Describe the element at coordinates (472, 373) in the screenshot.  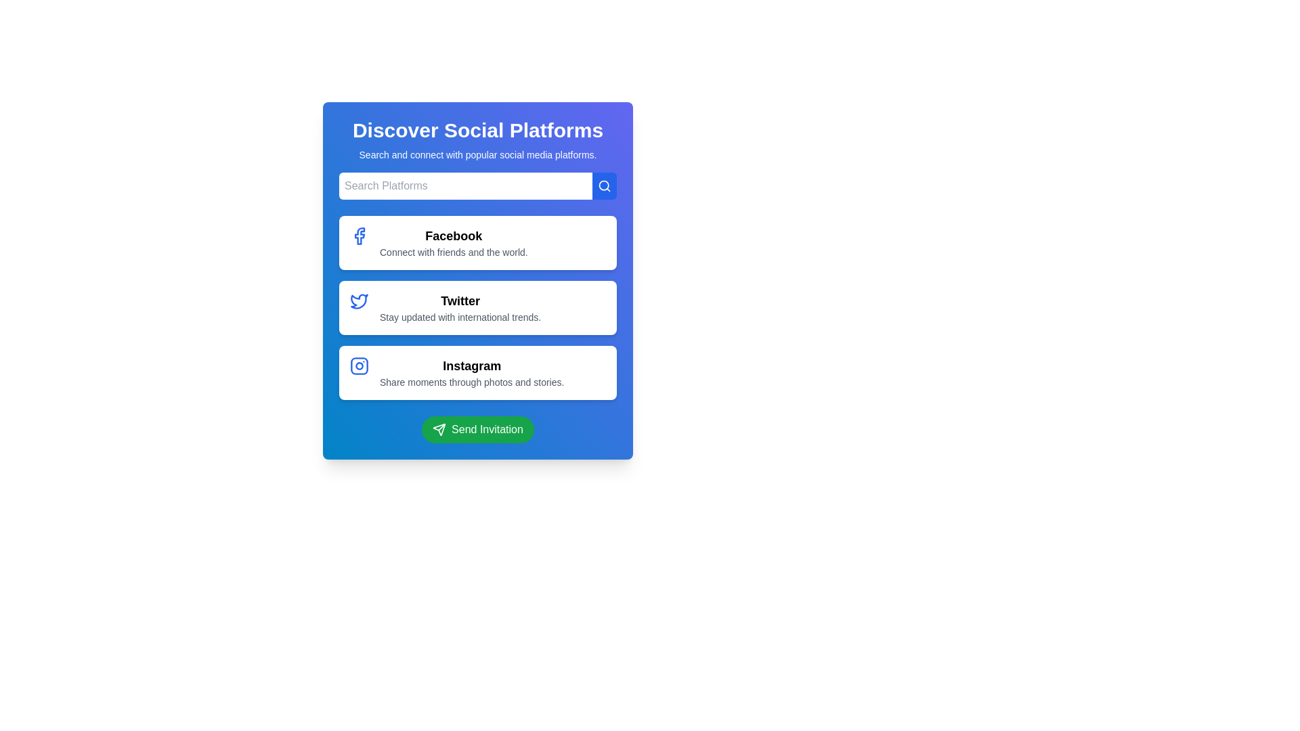
I see `the descriptive text block for Instagram, which is the third item under the header 'Discover Social Platforms'` at that location.